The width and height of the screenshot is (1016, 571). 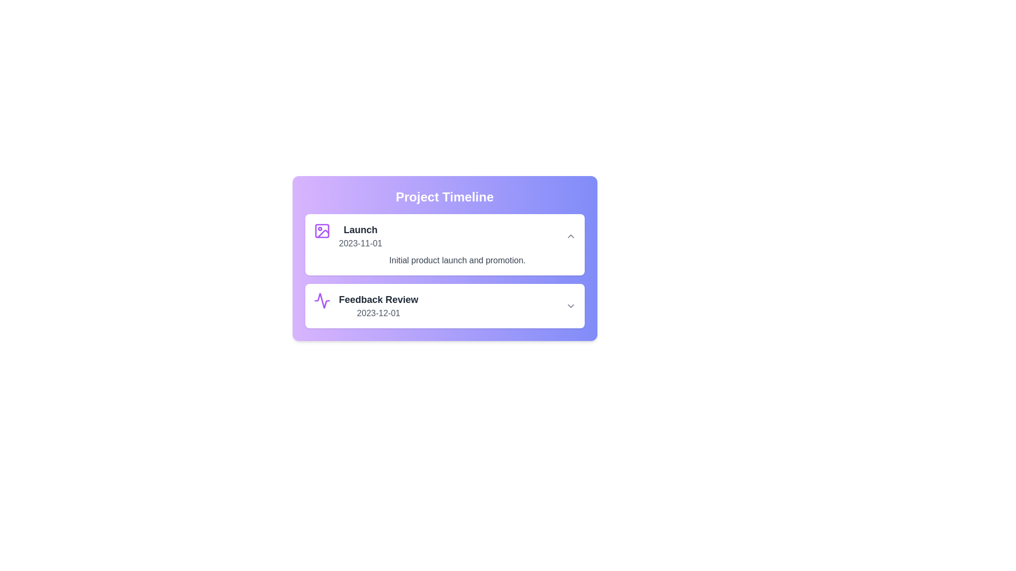 I want to click on the Chevron Icon located at the right end of the 'Feedback Review' tile under 'Project Timeline' to expand or collapse additional information, so click(x=570, y=306).